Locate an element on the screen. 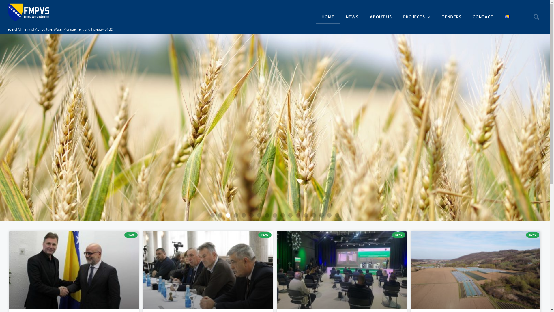  'CONTACT' is located at coordinates (483, 16).